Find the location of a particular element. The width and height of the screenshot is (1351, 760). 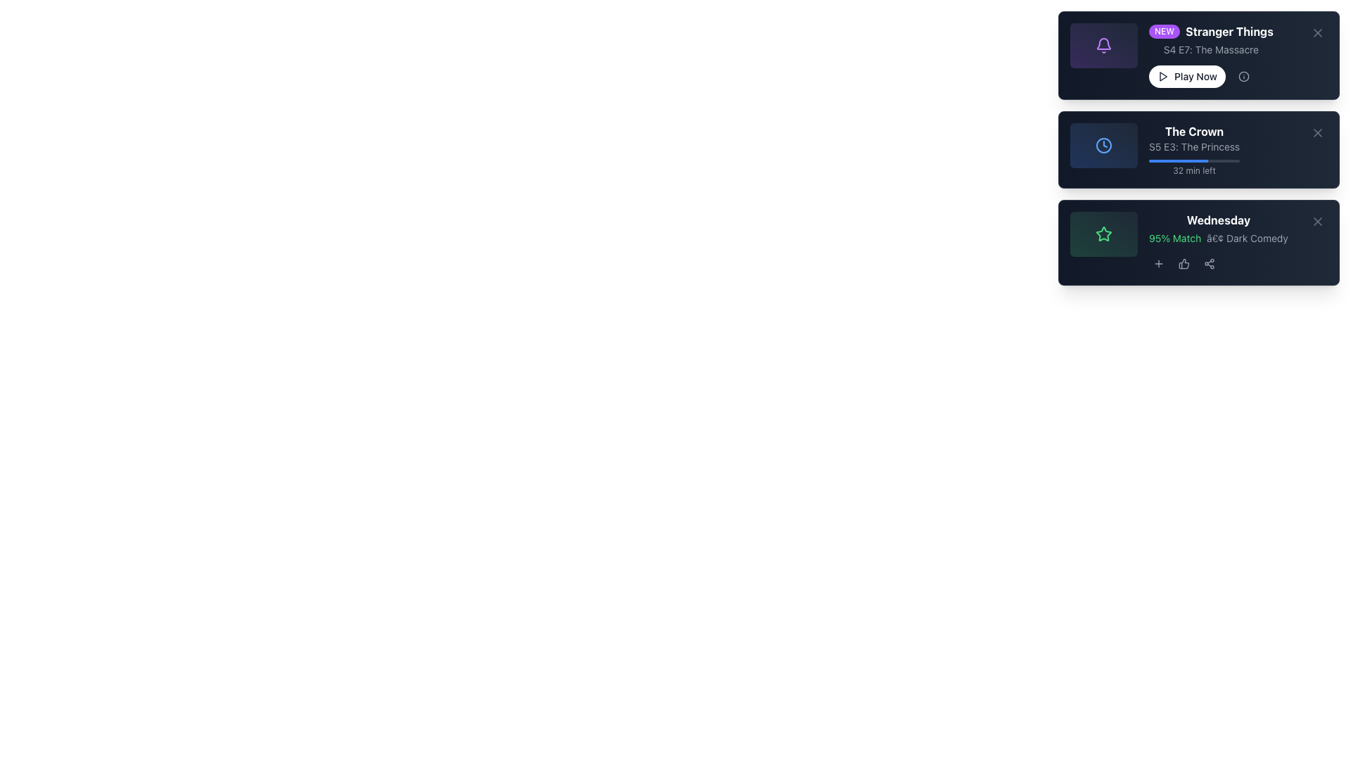

the match percentage of the Content Preview Item for 'Wednesday', which is the third item in the media suggestions list is located at coordinates (1198, 241).